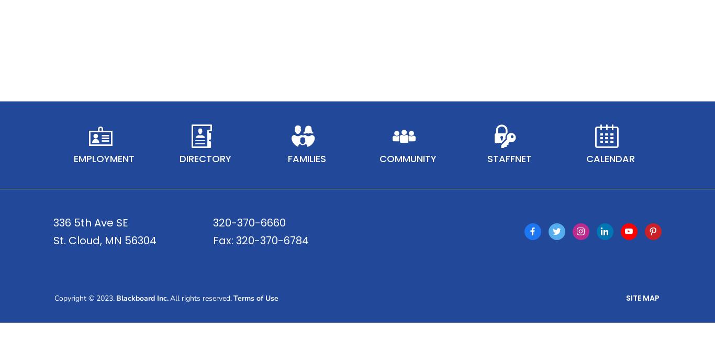  What do you see at coordinates (232, 312) in the screenshot?
I see `'Terms of Use'` at bounding box center [232, 312].